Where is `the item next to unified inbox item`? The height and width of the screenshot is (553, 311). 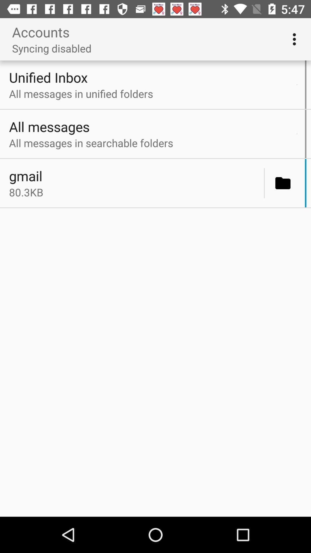 the item next to unified inbox item is located at coordinates (297, 84).